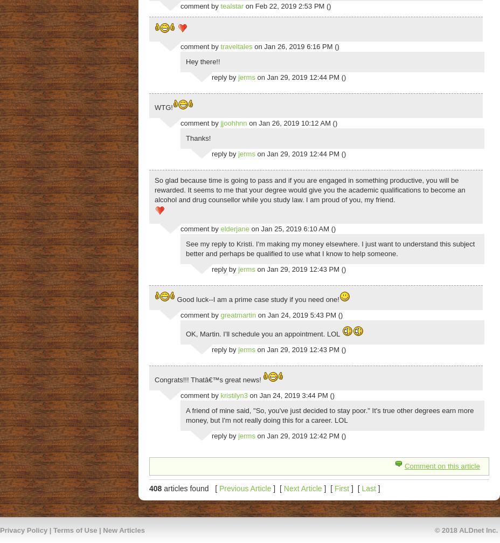 This screenshot has height=543, width=500. Describe the element at coordinates (263, 333) in the screenshot. I see `'OK, Martin. I'll schedule you an appointment. LOL'` at that location.